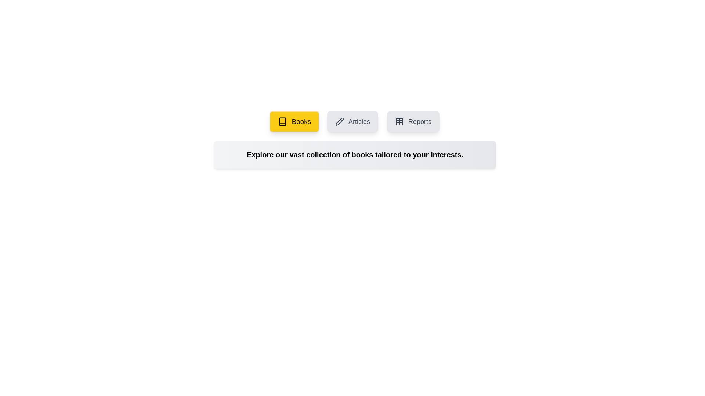 The image size is (705, 396). What do you see at coordinates (399, 121) in the screenshot?
I see `the decorative SVG icon representing the 'Reports' section within the 'Reports' button, which is the rightmost button in a row of three buttons` at bounding box center [399, 121].